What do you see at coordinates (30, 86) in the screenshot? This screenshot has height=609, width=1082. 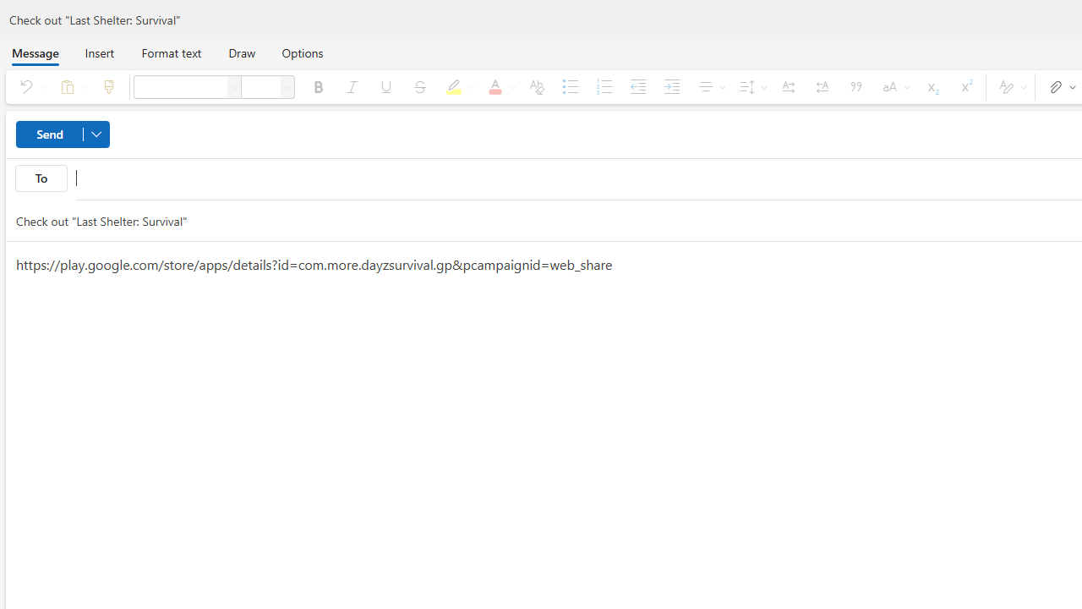 I see `'Undo'` at bounding box center [30, 86].